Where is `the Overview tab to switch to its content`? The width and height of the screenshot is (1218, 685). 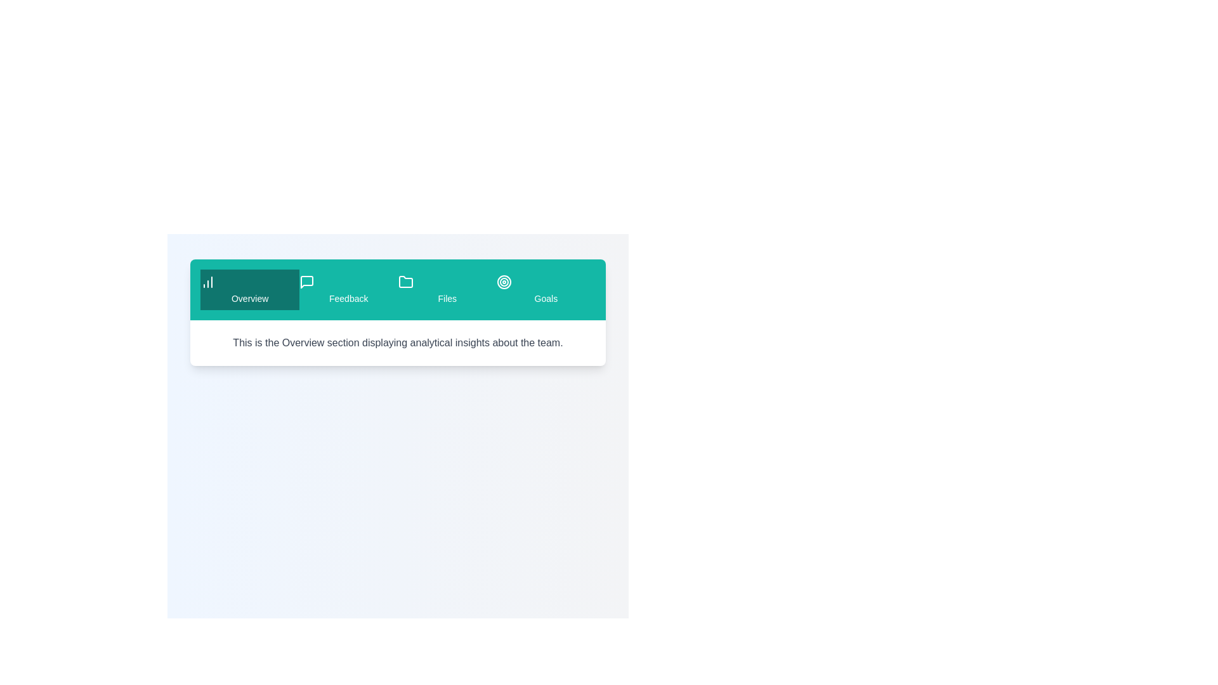
the Overview tab to switch to its content is located at coordinates (249, 289).